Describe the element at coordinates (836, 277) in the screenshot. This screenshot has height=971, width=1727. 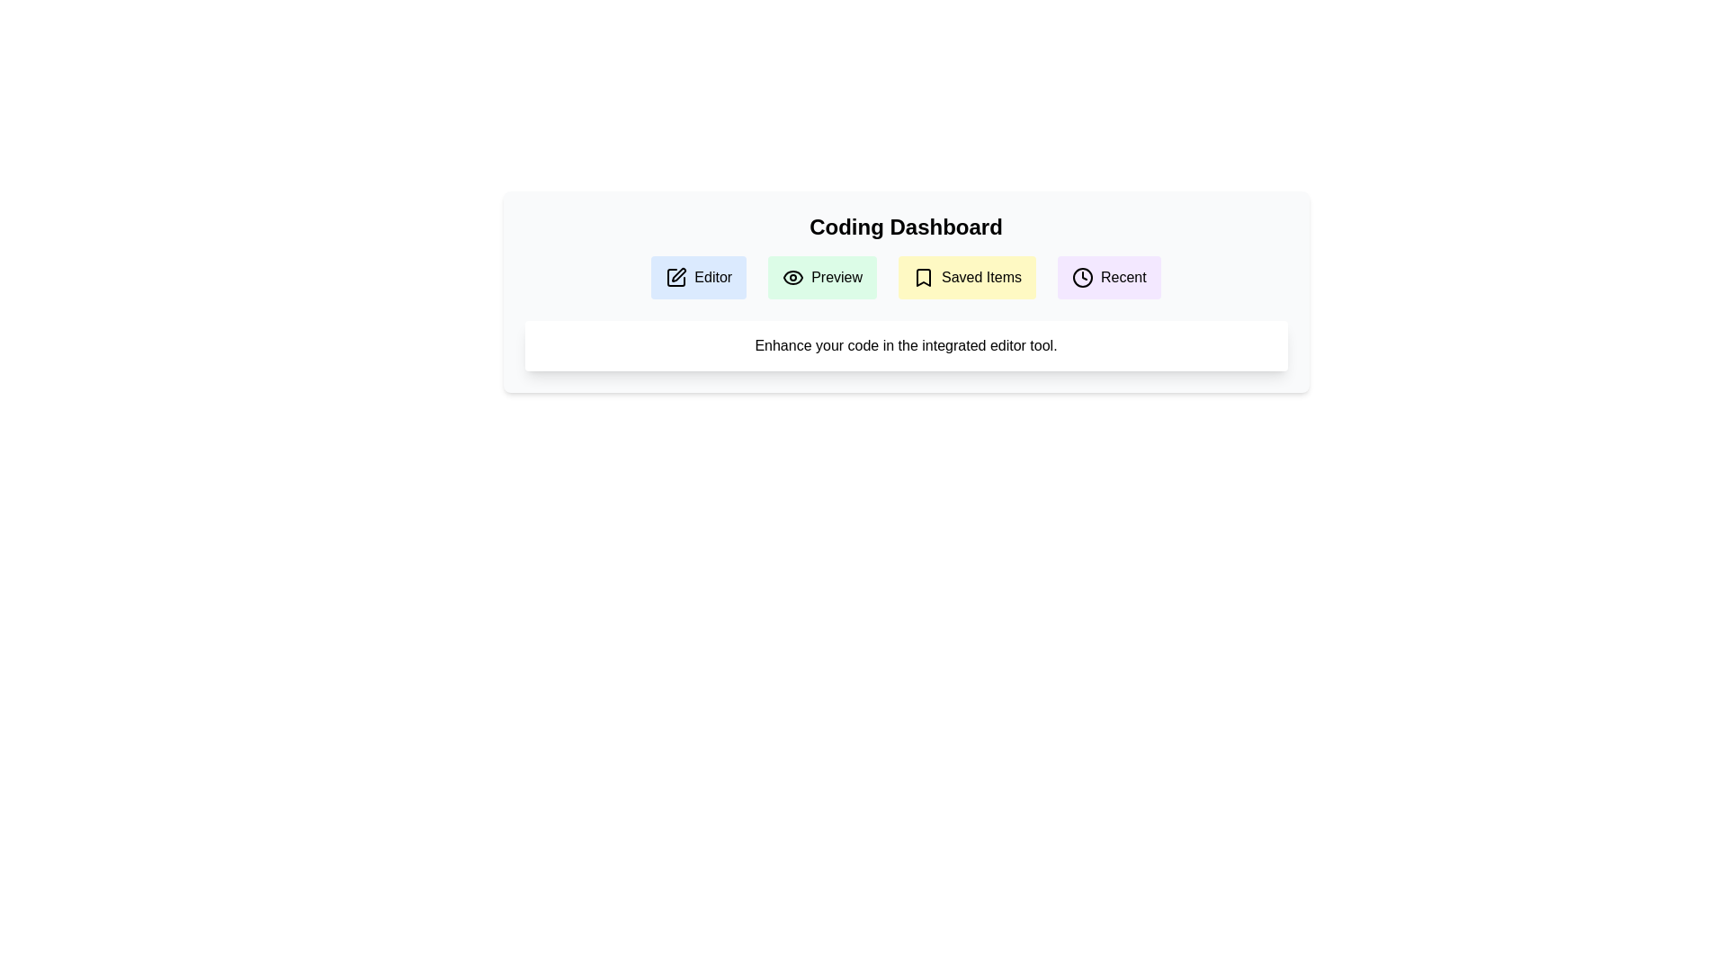
I see `the 'Preview' button, which is the second button from the left in a toolbar at the top-right of the UI` at that location.